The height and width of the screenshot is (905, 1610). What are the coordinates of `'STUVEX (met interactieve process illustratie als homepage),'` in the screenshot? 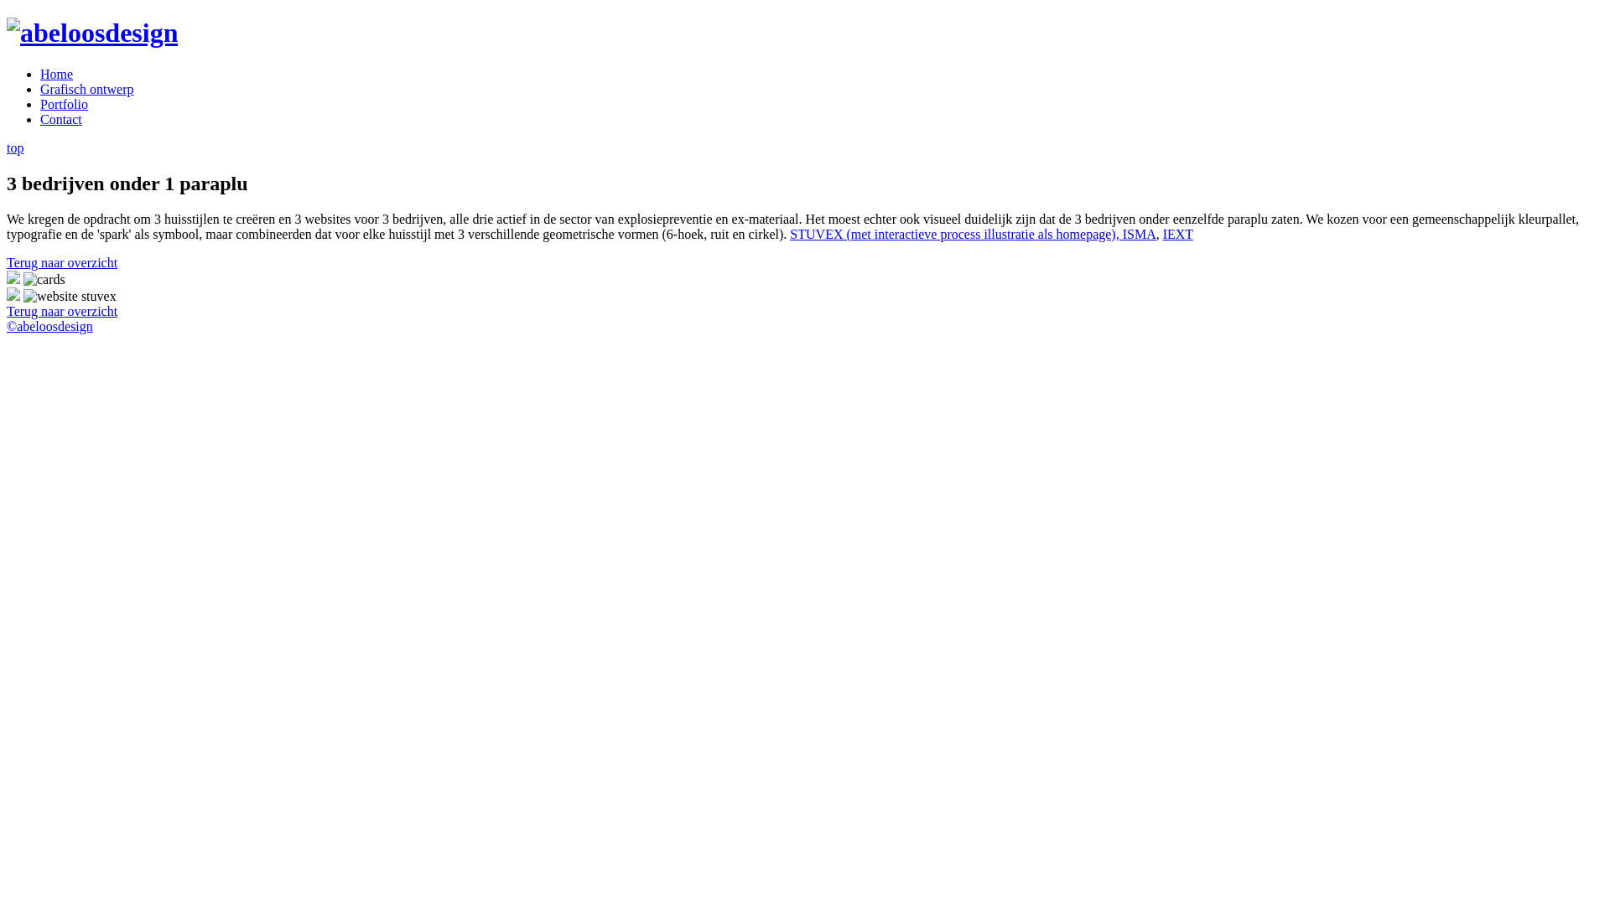 It's located at (956, 234).